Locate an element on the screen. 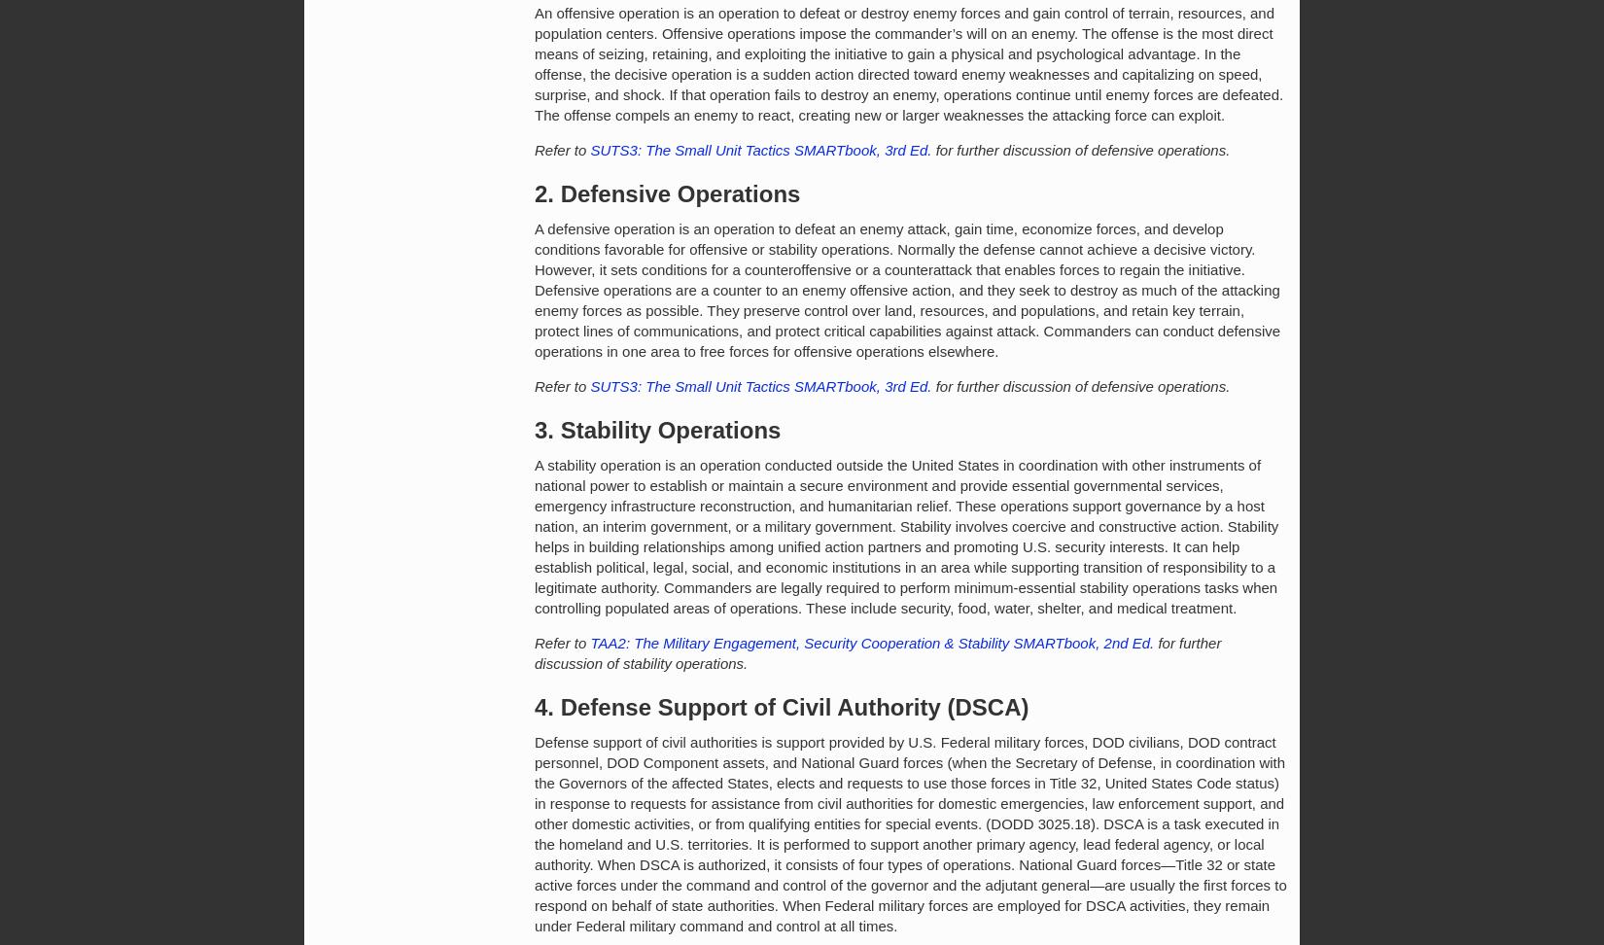 This screenshot has width=1604, height=945. 'A defensive operation is an operation to defeat an enemy attack, gain time, economize forces, and develop conditions favorable for offensive or stability operations. Normally the defense cannot achieve a decisive victory. However, it sets conditions for a counteroffensive or a counterattack that enables forces to regain the initiative. Defensive operations are a counter to an enemy offensive action, and they seek to destroy as much of the attacking enemy forces as possible. They preserve control over land, resources, and populations, and retain key terrain, protect lines of communications, and protect critical capabilities against attack. Commanders can conduct defensive operations in one area to free forces for offensive operations elsewhere.' is located at coordinates (907, 290).